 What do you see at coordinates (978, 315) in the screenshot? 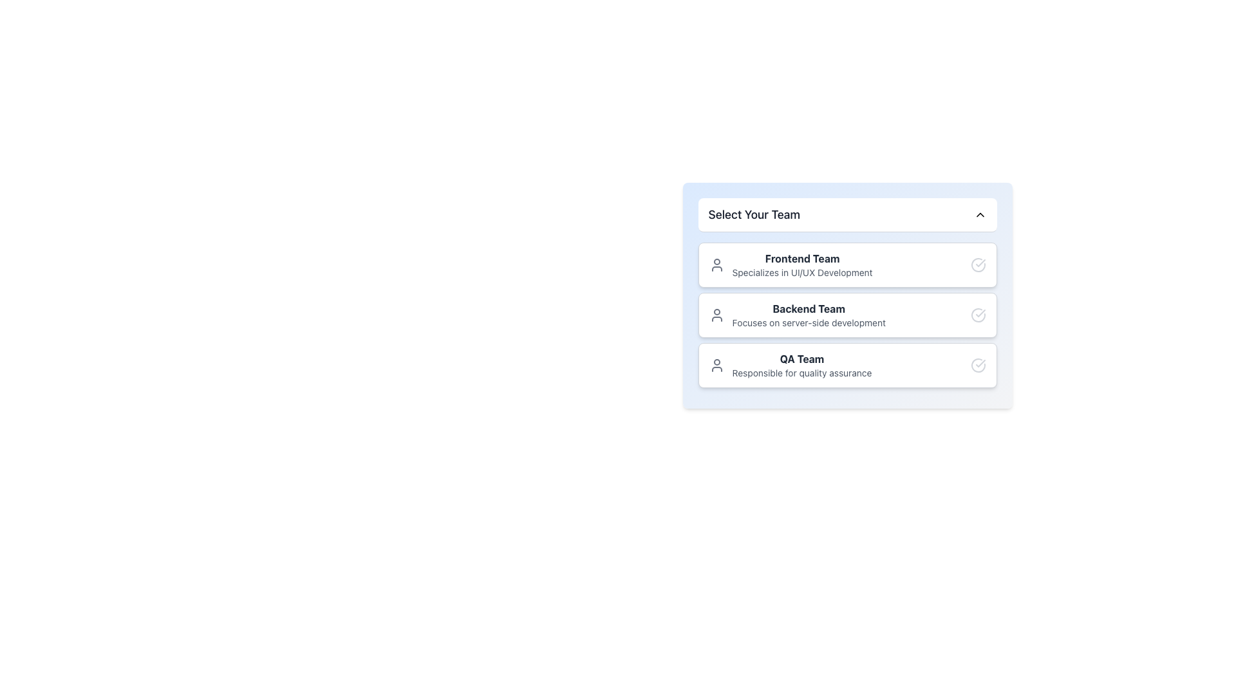
I see `the icon located to the far-right of the 'Backend Team' list entry in the 'Select Your Team' section` at bounding box center [978, 315].